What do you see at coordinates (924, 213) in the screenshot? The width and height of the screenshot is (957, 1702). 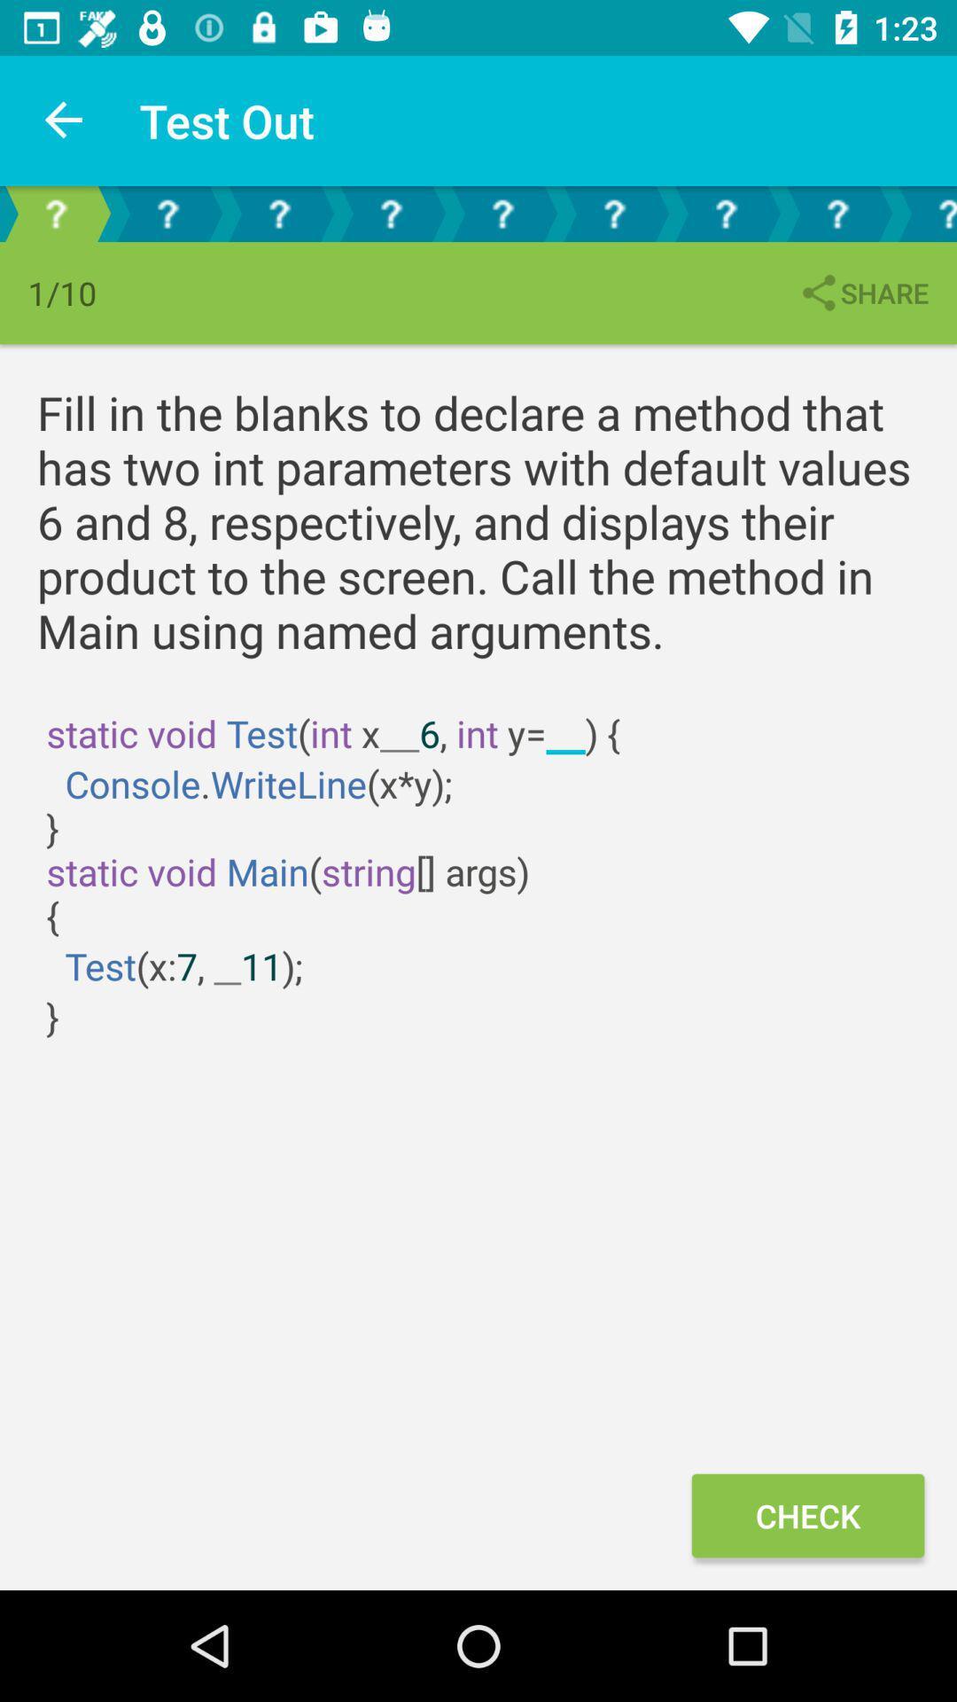 I see `the help icon` at bounding box center [924, 213].